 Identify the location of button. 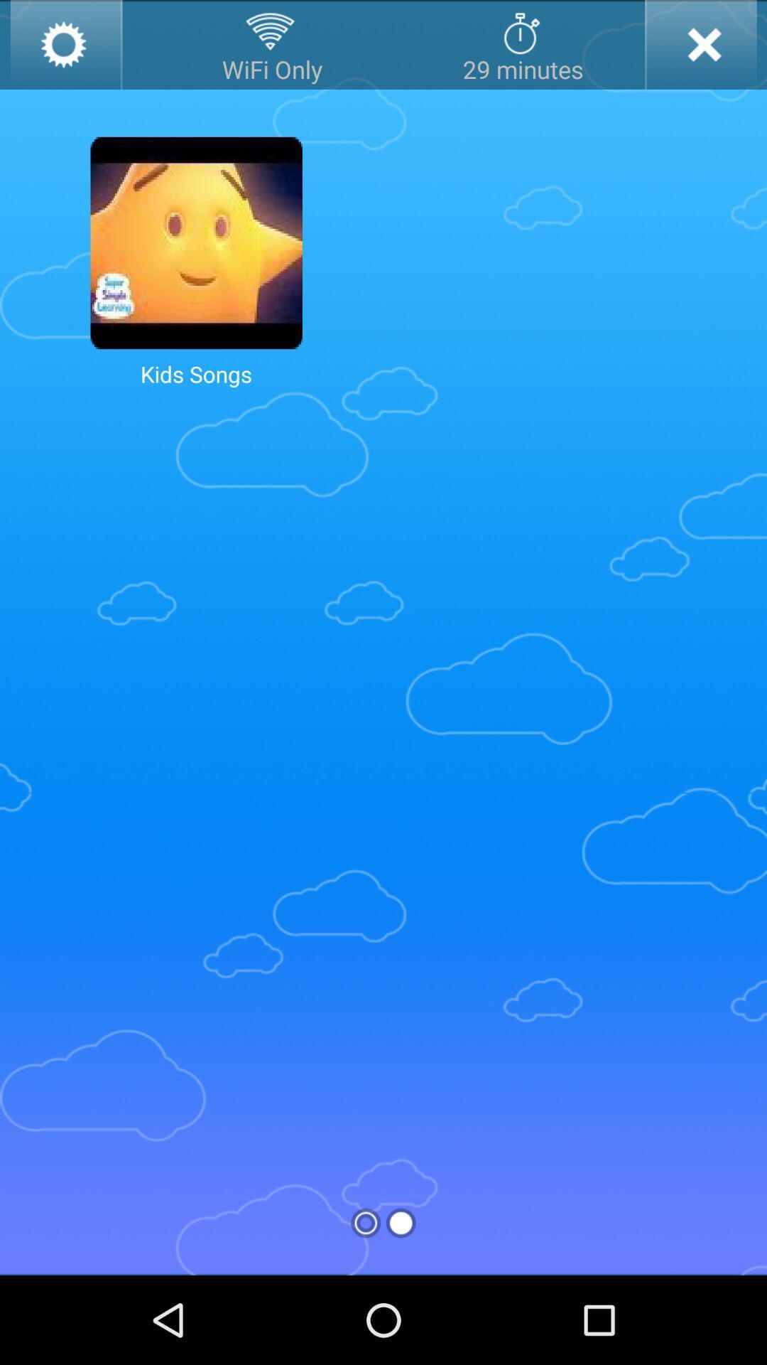
(700, 44).